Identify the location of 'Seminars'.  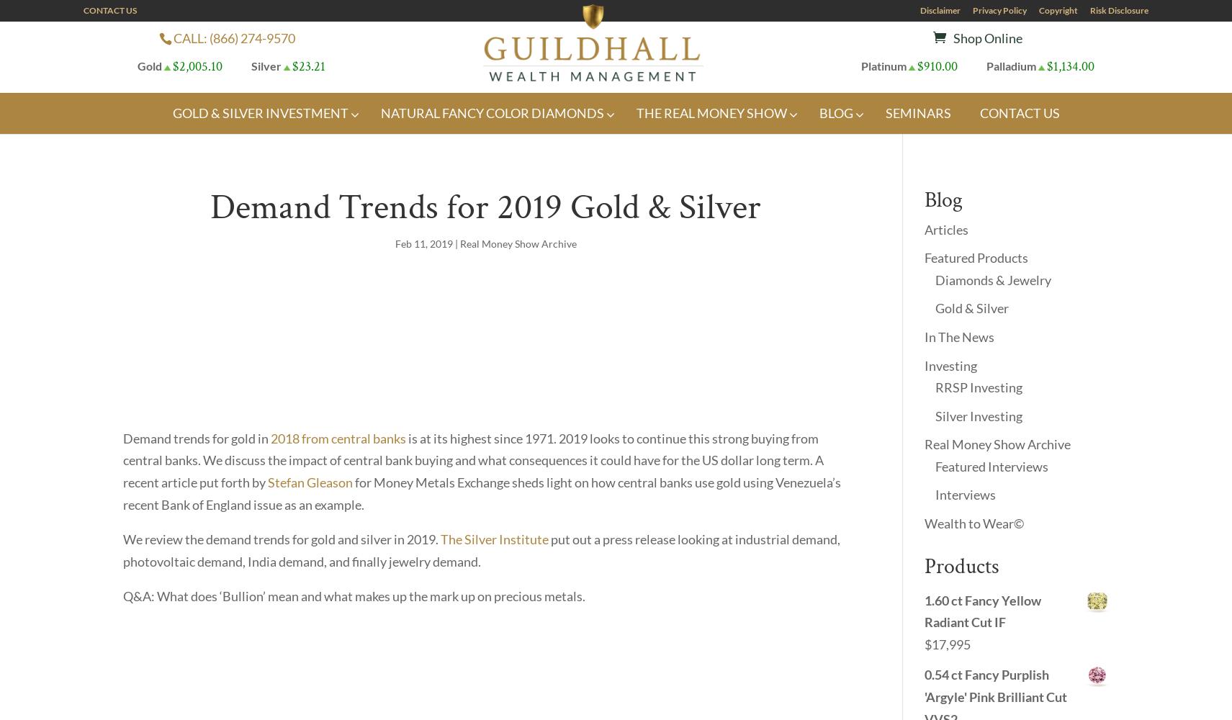
(917, 112).